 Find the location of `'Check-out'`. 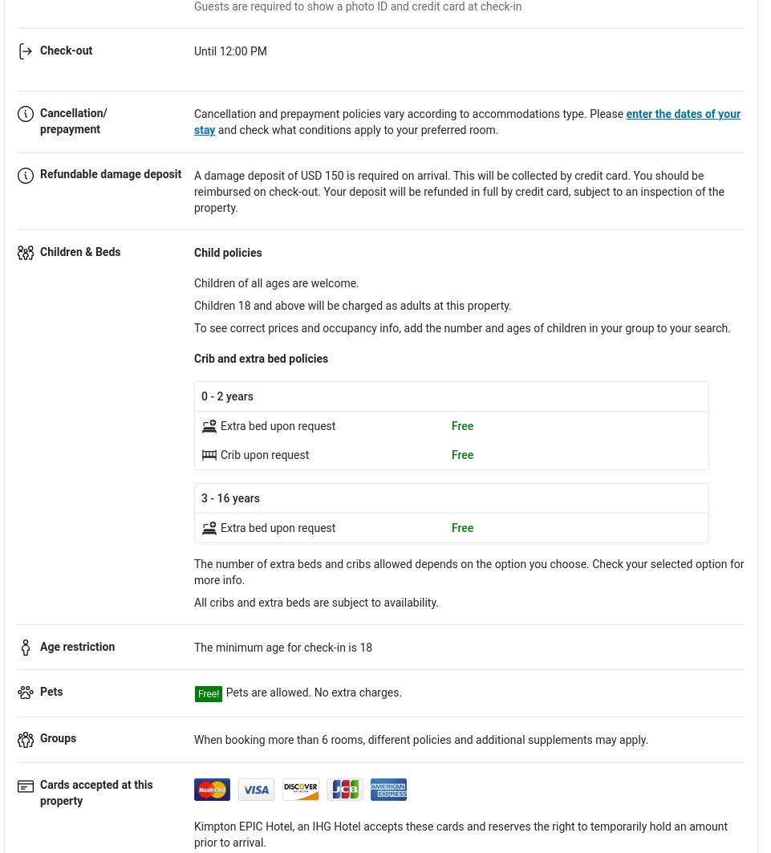

'Check-out' is located at coordinates (39, 49).